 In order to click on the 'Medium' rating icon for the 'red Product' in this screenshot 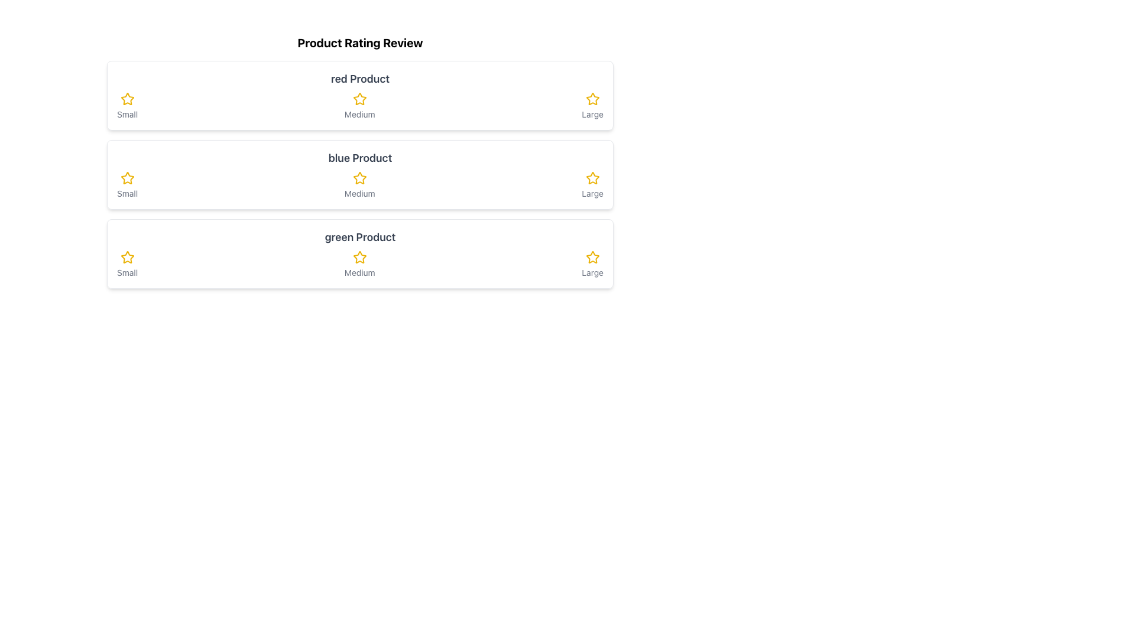, I will do `click(359, 106)`.